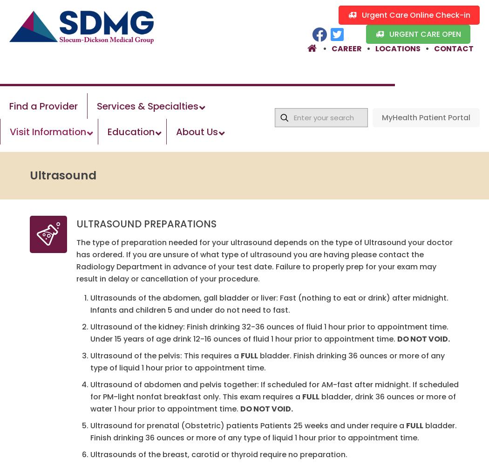 The image size is (489, 466). What do you see at coordinates (165, 356) in the screenshot?
I see `'Ultrasound of the pelvis: This requires a'` at bounding box center [165, 356].